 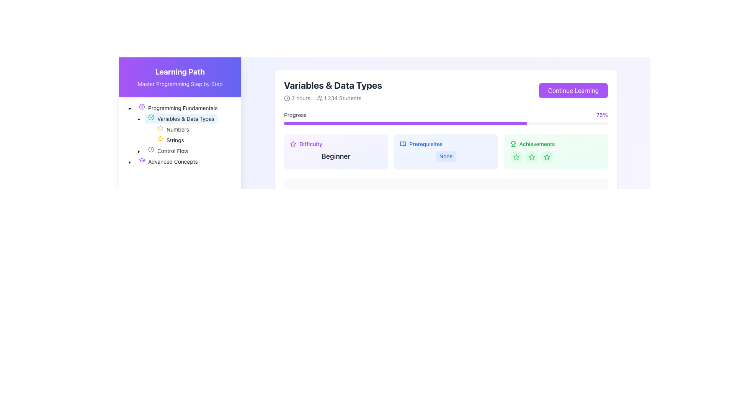 I want to click on the row containing three circular star icons within the 'Achievements' section located at the top-right of the page, so click(x=556, y=157).